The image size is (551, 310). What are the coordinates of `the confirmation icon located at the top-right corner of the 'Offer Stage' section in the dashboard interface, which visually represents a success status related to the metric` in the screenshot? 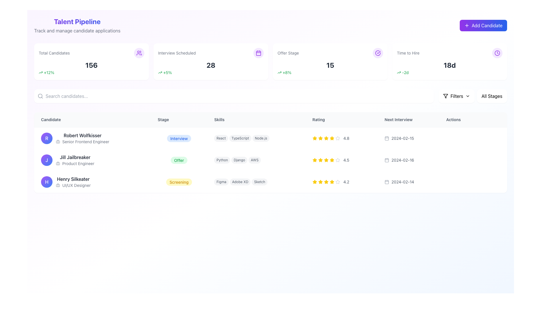 It's located at (378, 53).